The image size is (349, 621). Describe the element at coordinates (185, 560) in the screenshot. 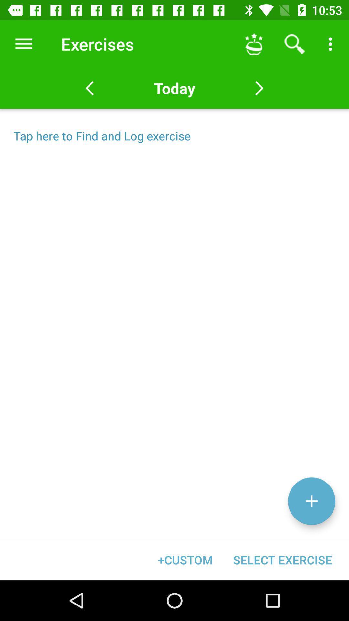

I see `the icon next to select exercise` at that location.